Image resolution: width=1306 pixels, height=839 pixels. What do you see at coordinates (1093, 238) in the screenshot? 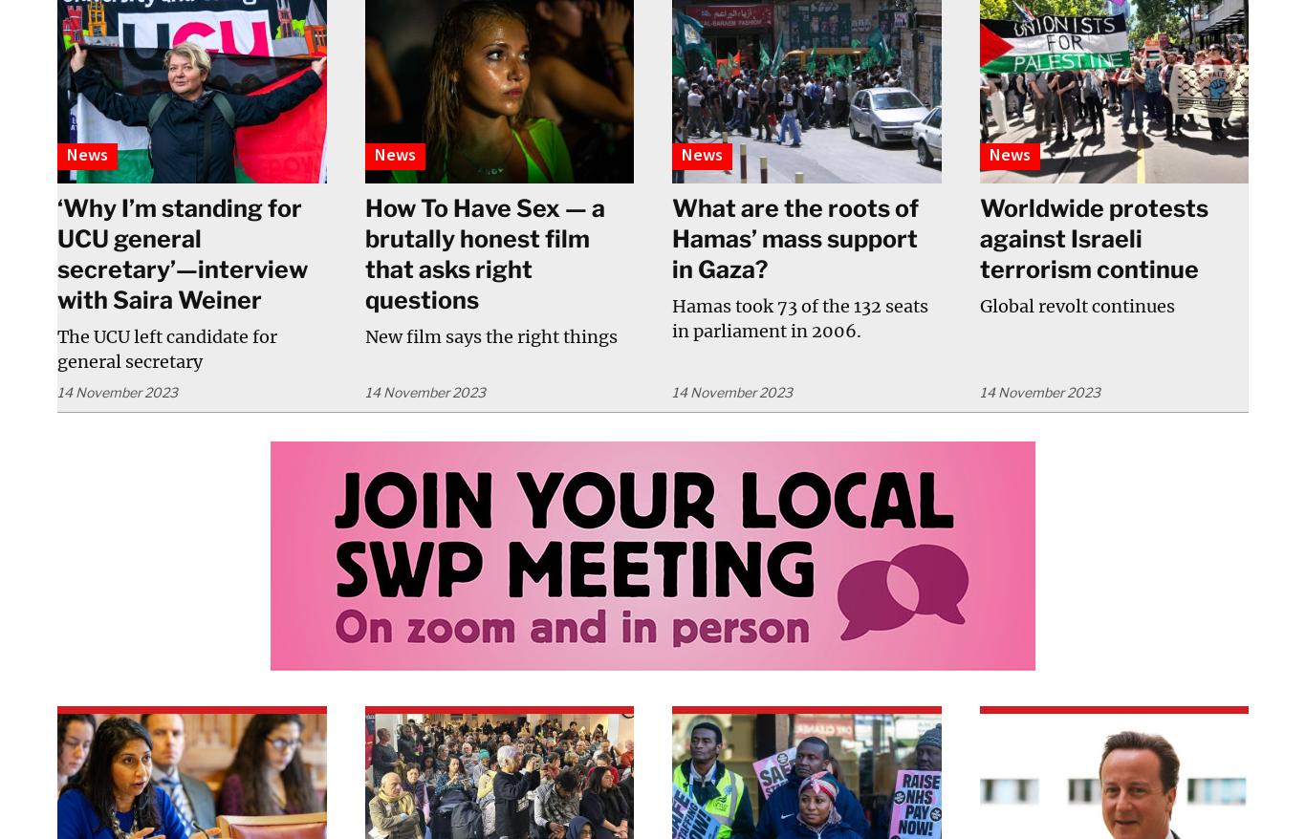
I see `'Worldwide protests against Israeli terrorism continue'` at bounding box center [1093, 238].